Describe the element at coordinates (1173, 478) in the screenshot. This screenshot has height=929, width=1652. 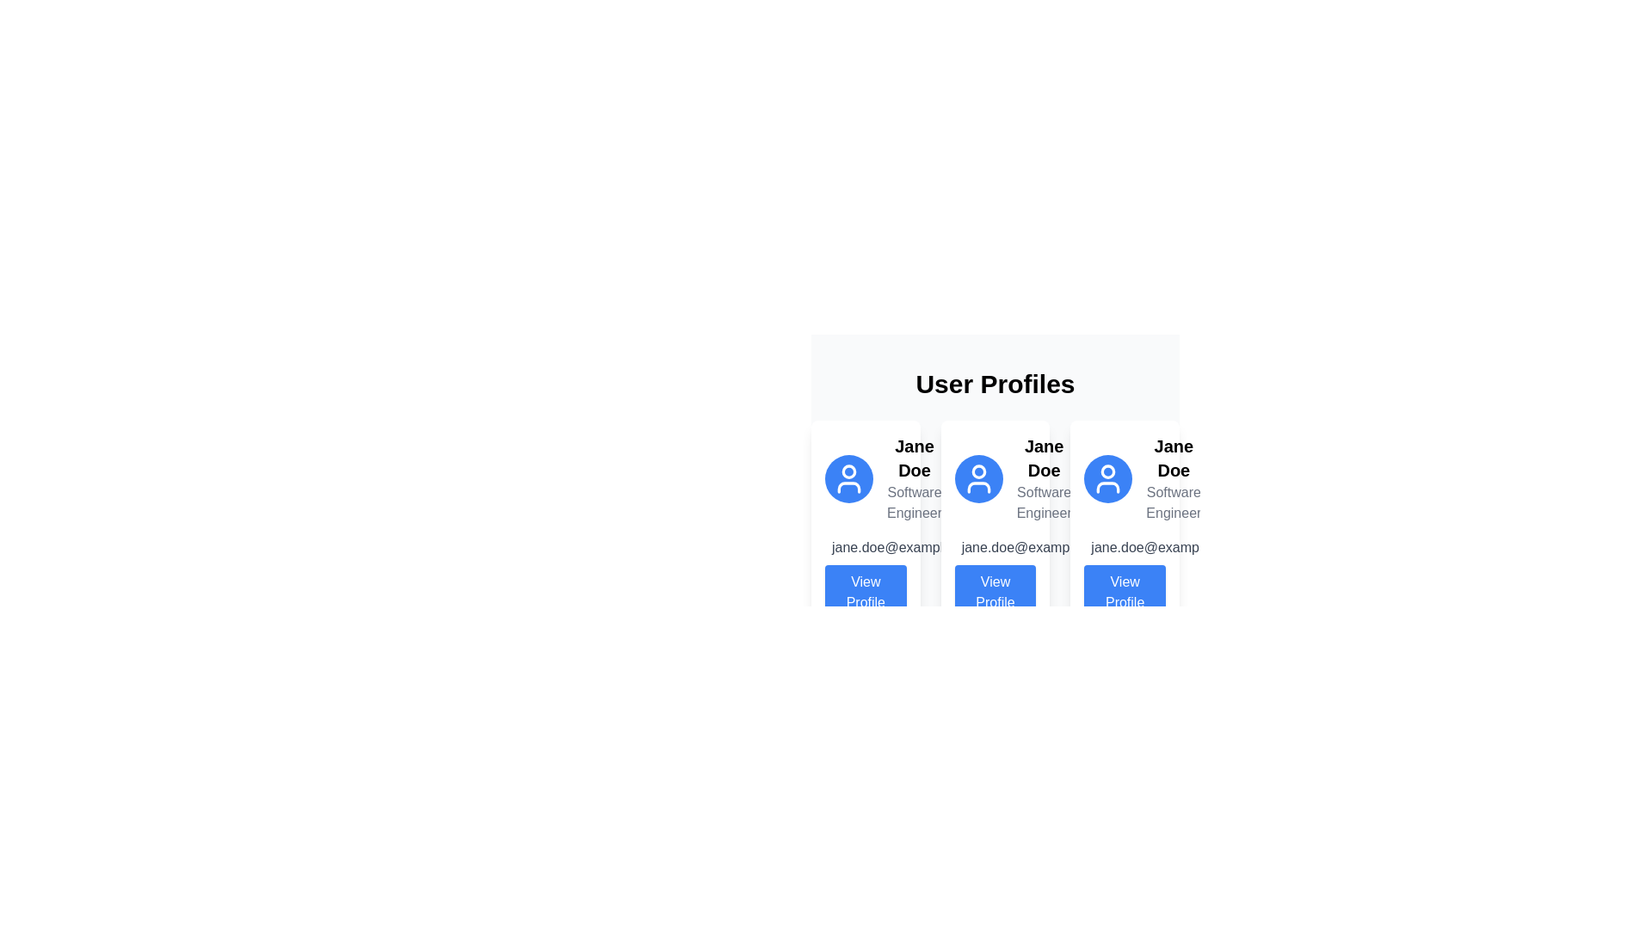
I see `the Text block displaying 'Jane Doe' and 'Software Engineer', which is located within the 'User Profiles' section of a card-like structure` at that location.